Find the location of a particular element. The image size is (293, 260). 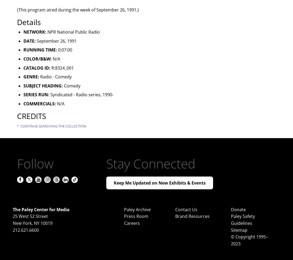

'Paley Archive' is located at coordinates (123, 209).